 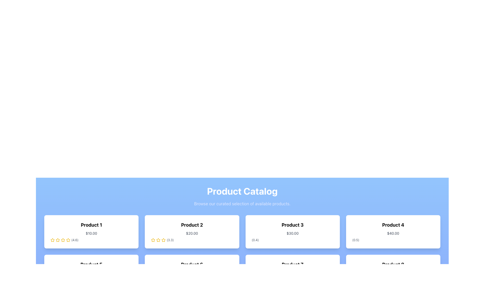 What do you see at coordinates (91, 232) in the screenshot?
I see `the product card` at bounding box center [91, 232].